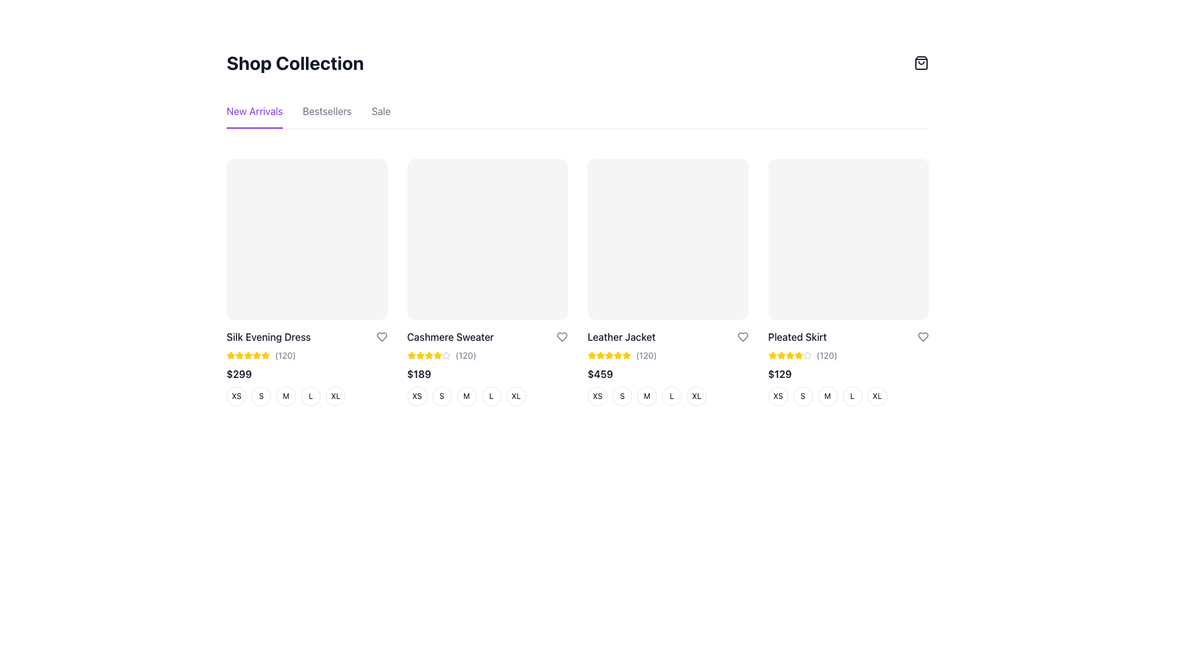 The width and height of the screenshot is (1189, 668). Describe the element at coordinates (307, 396) in the screenshot. I see `the 'L' size button for the 'Silk Evening Dress'` at that location.